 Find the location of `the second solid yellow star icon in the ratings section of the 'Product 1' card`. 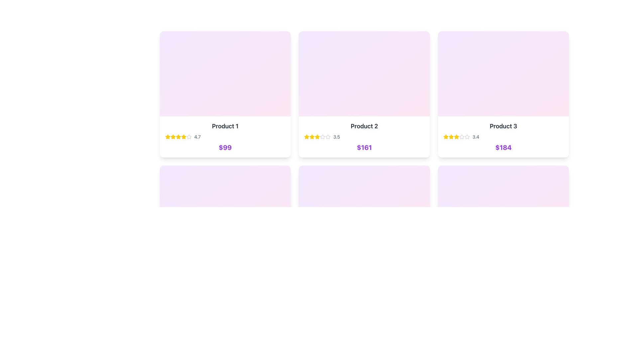

the second solid yellow star icon in the ratings section of the 'Product 1' card is located at coordinates (178, 136).